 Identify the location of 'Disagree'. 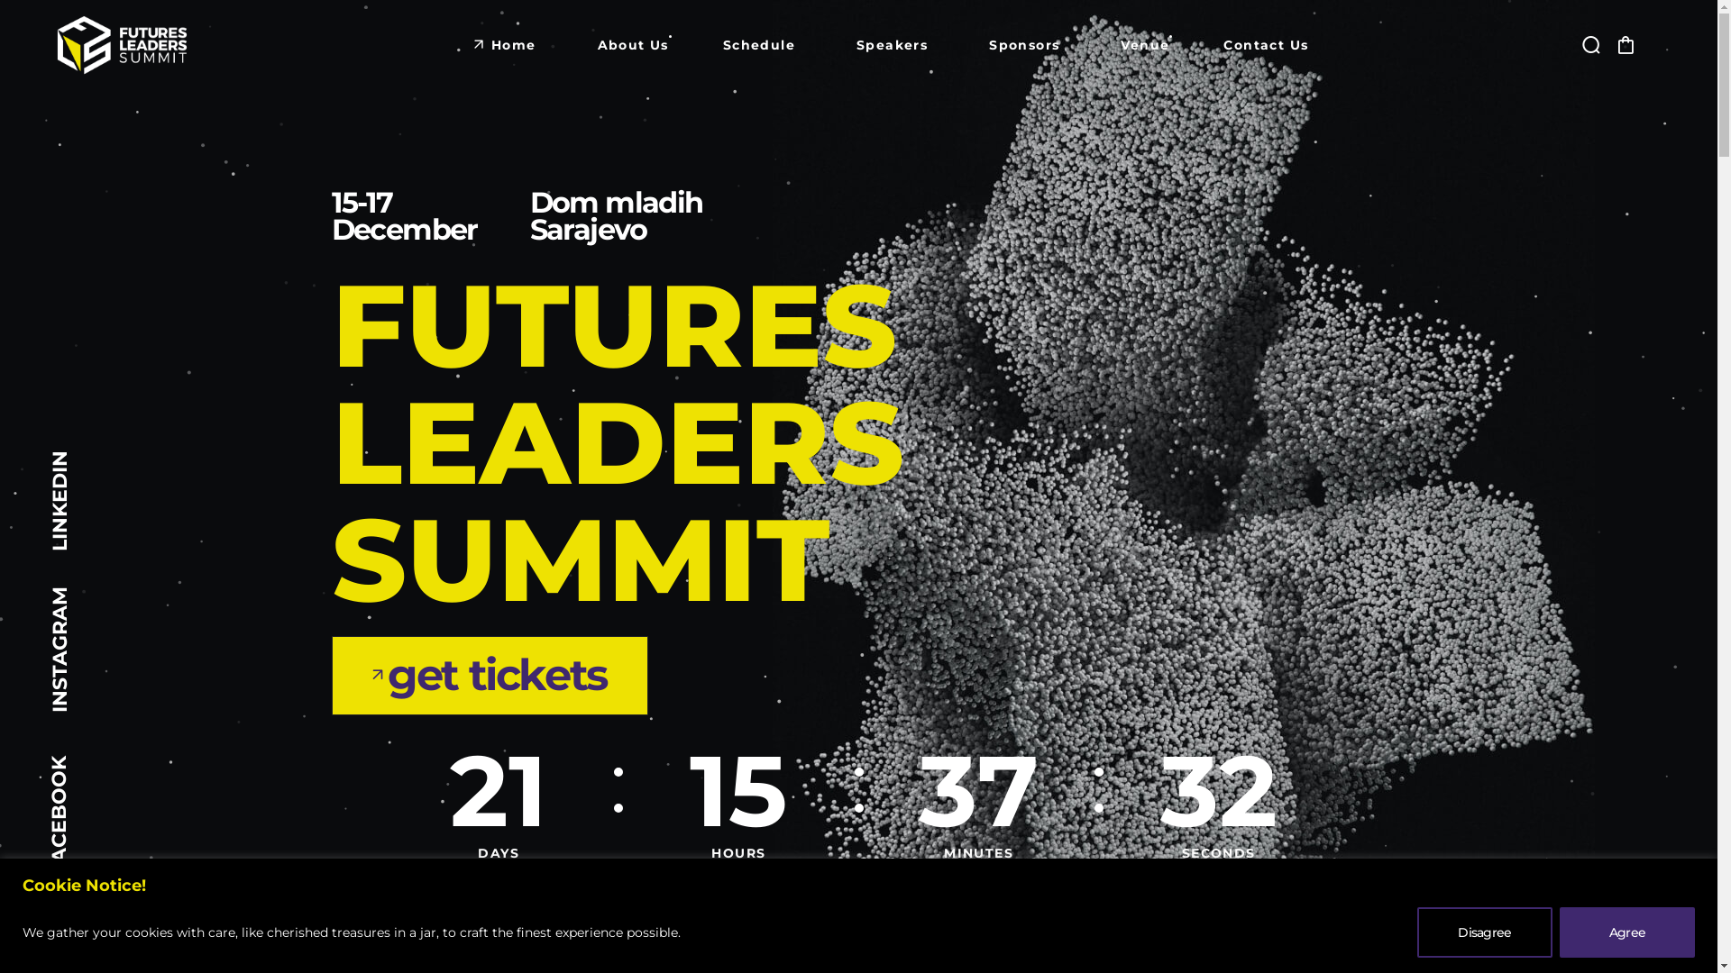
(1484, 931).